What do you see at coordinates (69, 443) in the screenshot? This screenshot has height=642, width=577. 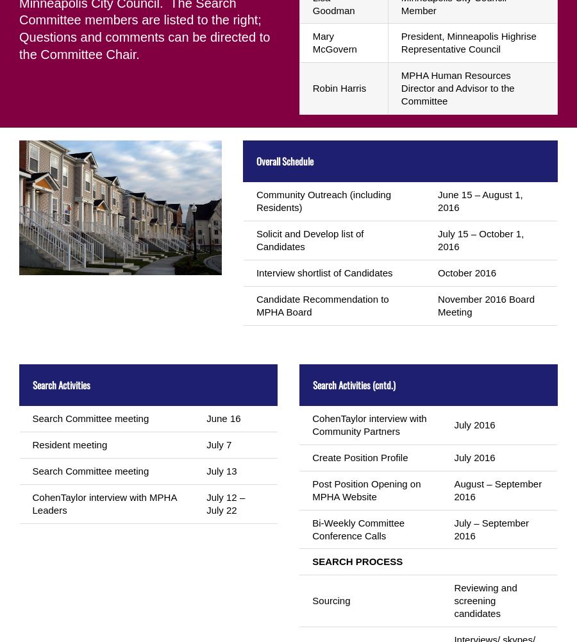 I see `'Resident meeting'` at bounding box center [69, 443].